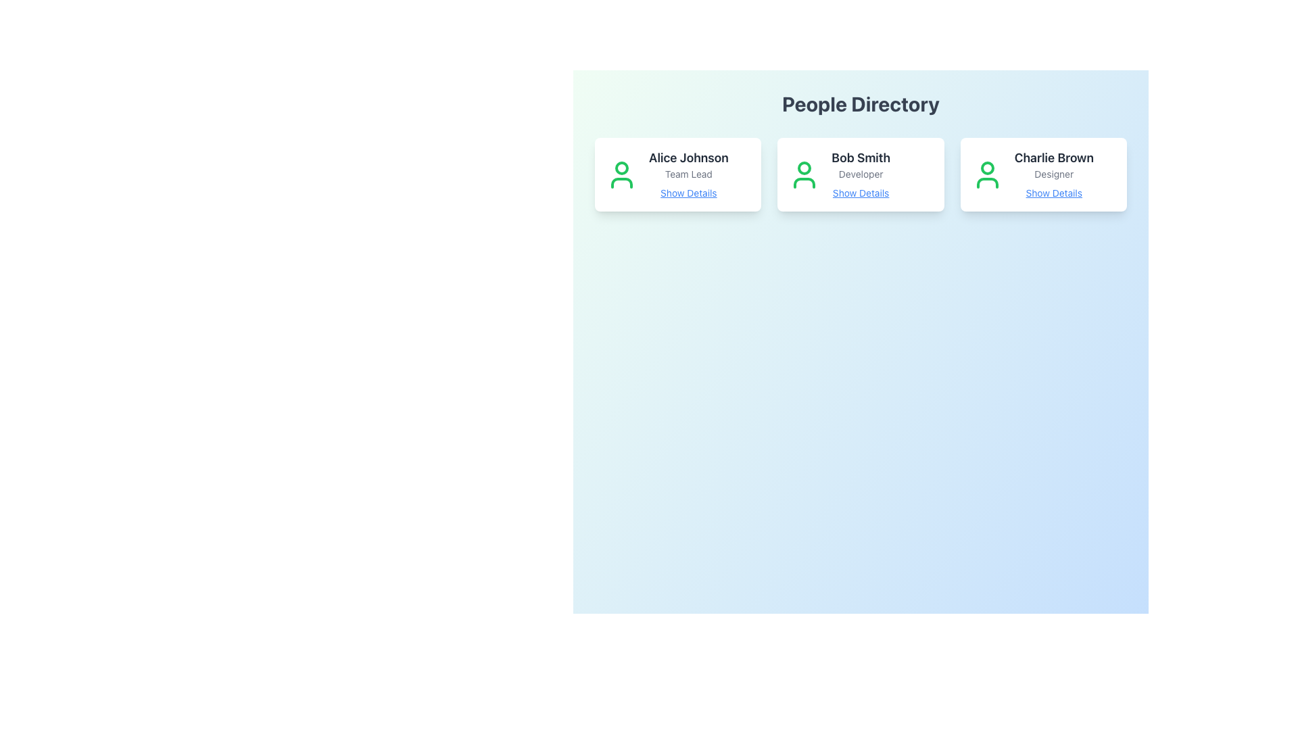 The width and height of the screenshot is (1298, 730). Describe the element at coordinates (621, 174) in the screenshot. I see `the green user icon representing Alice Johnson` at that location.